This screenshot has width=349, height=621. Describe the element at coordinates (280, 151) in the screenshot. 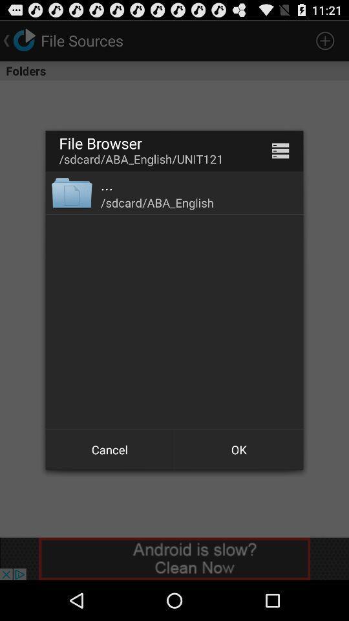

I see `the app above /sdcard/aba_english item` at that location.